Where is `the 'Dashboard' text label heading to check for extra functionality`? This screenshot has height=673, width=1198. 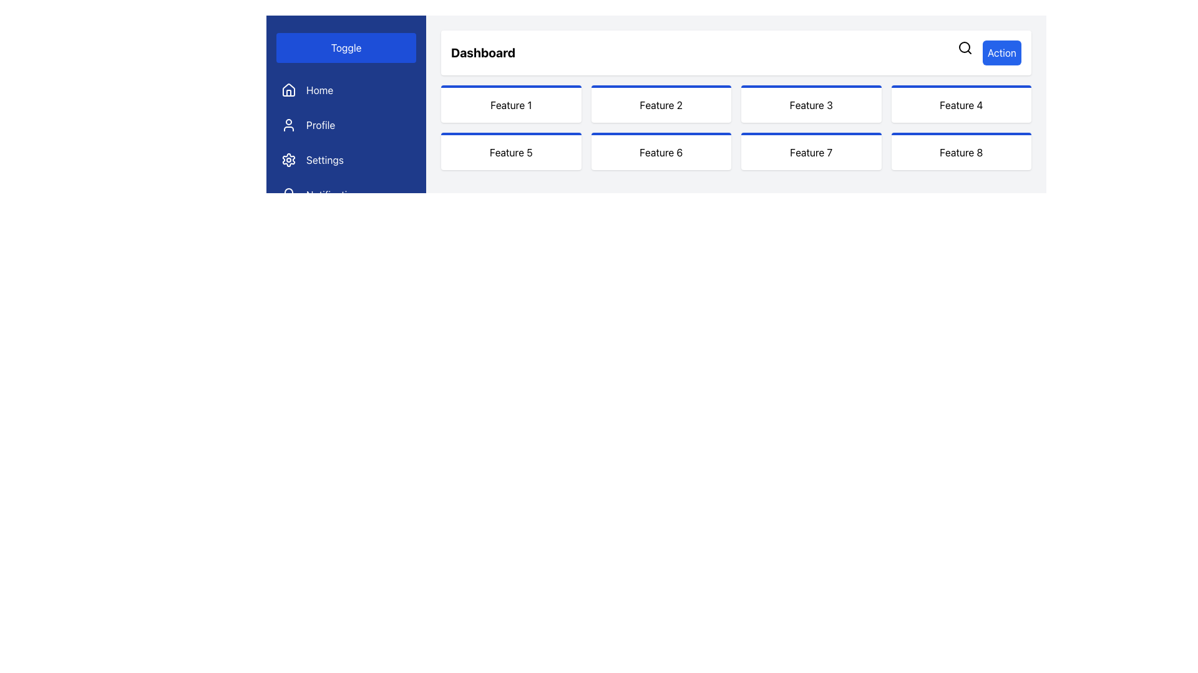 the 'Dashboard' text label heading to check for extra functionality is located at coordinates (482, 52).